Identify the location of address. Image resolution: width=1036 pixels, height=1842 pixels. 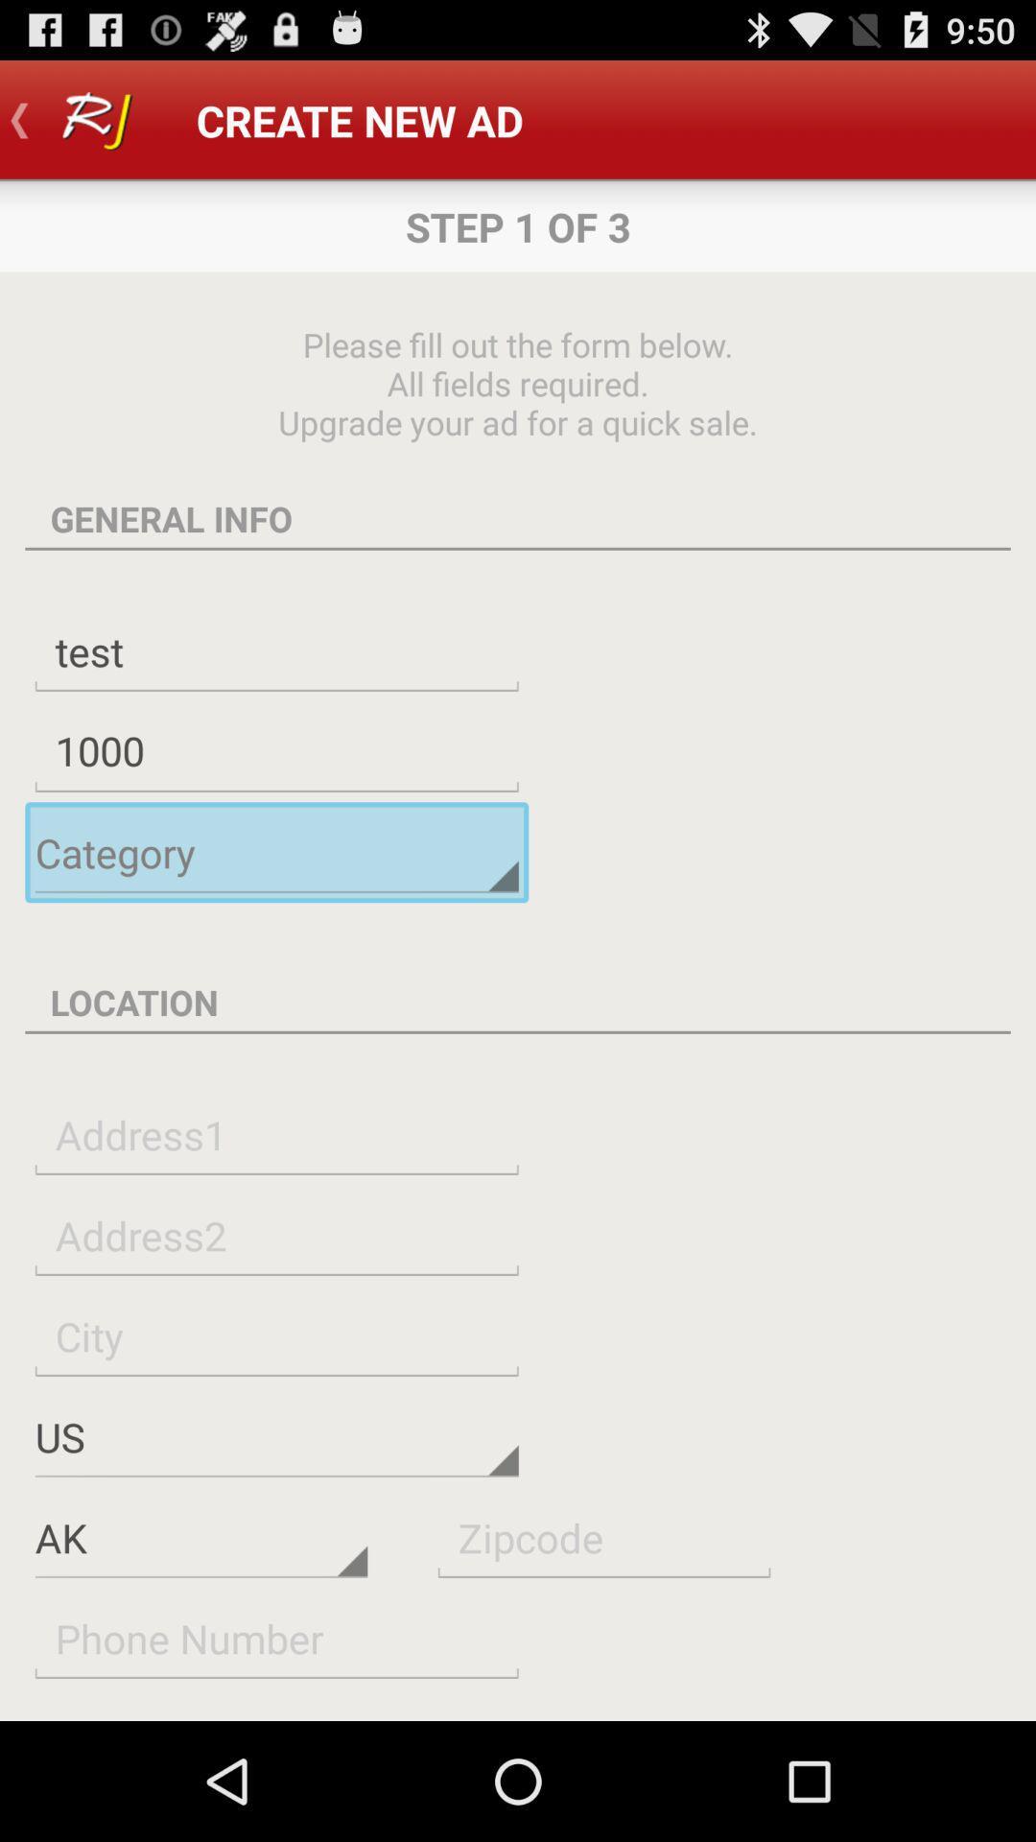
(276, 1134).